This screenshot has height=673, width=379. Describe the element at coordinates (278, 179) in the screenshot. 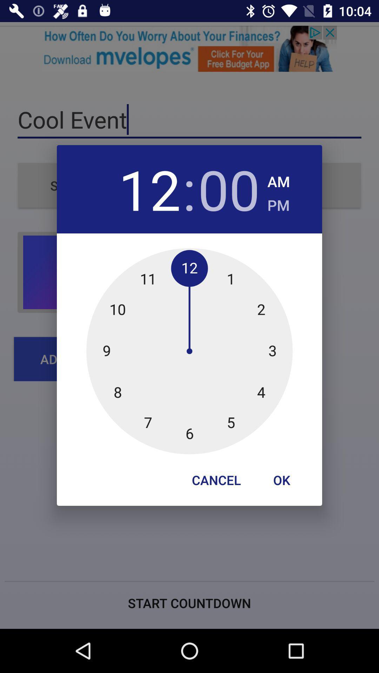

I see `the checkbox above the pm checkbox` at that location.